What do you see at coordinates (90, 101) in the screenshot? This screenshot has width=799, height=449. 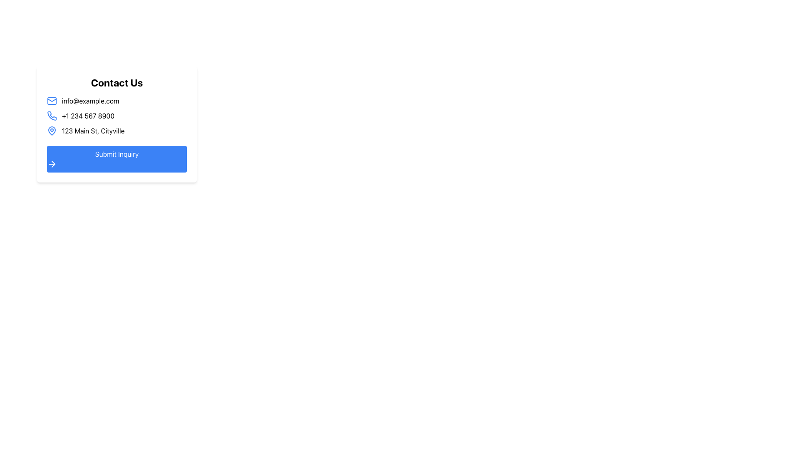 I see `email address displayed as 'info@example.com' in black font, located within the 'Contact Us' card next to an envelope icon` at bounding box center [90, 101].